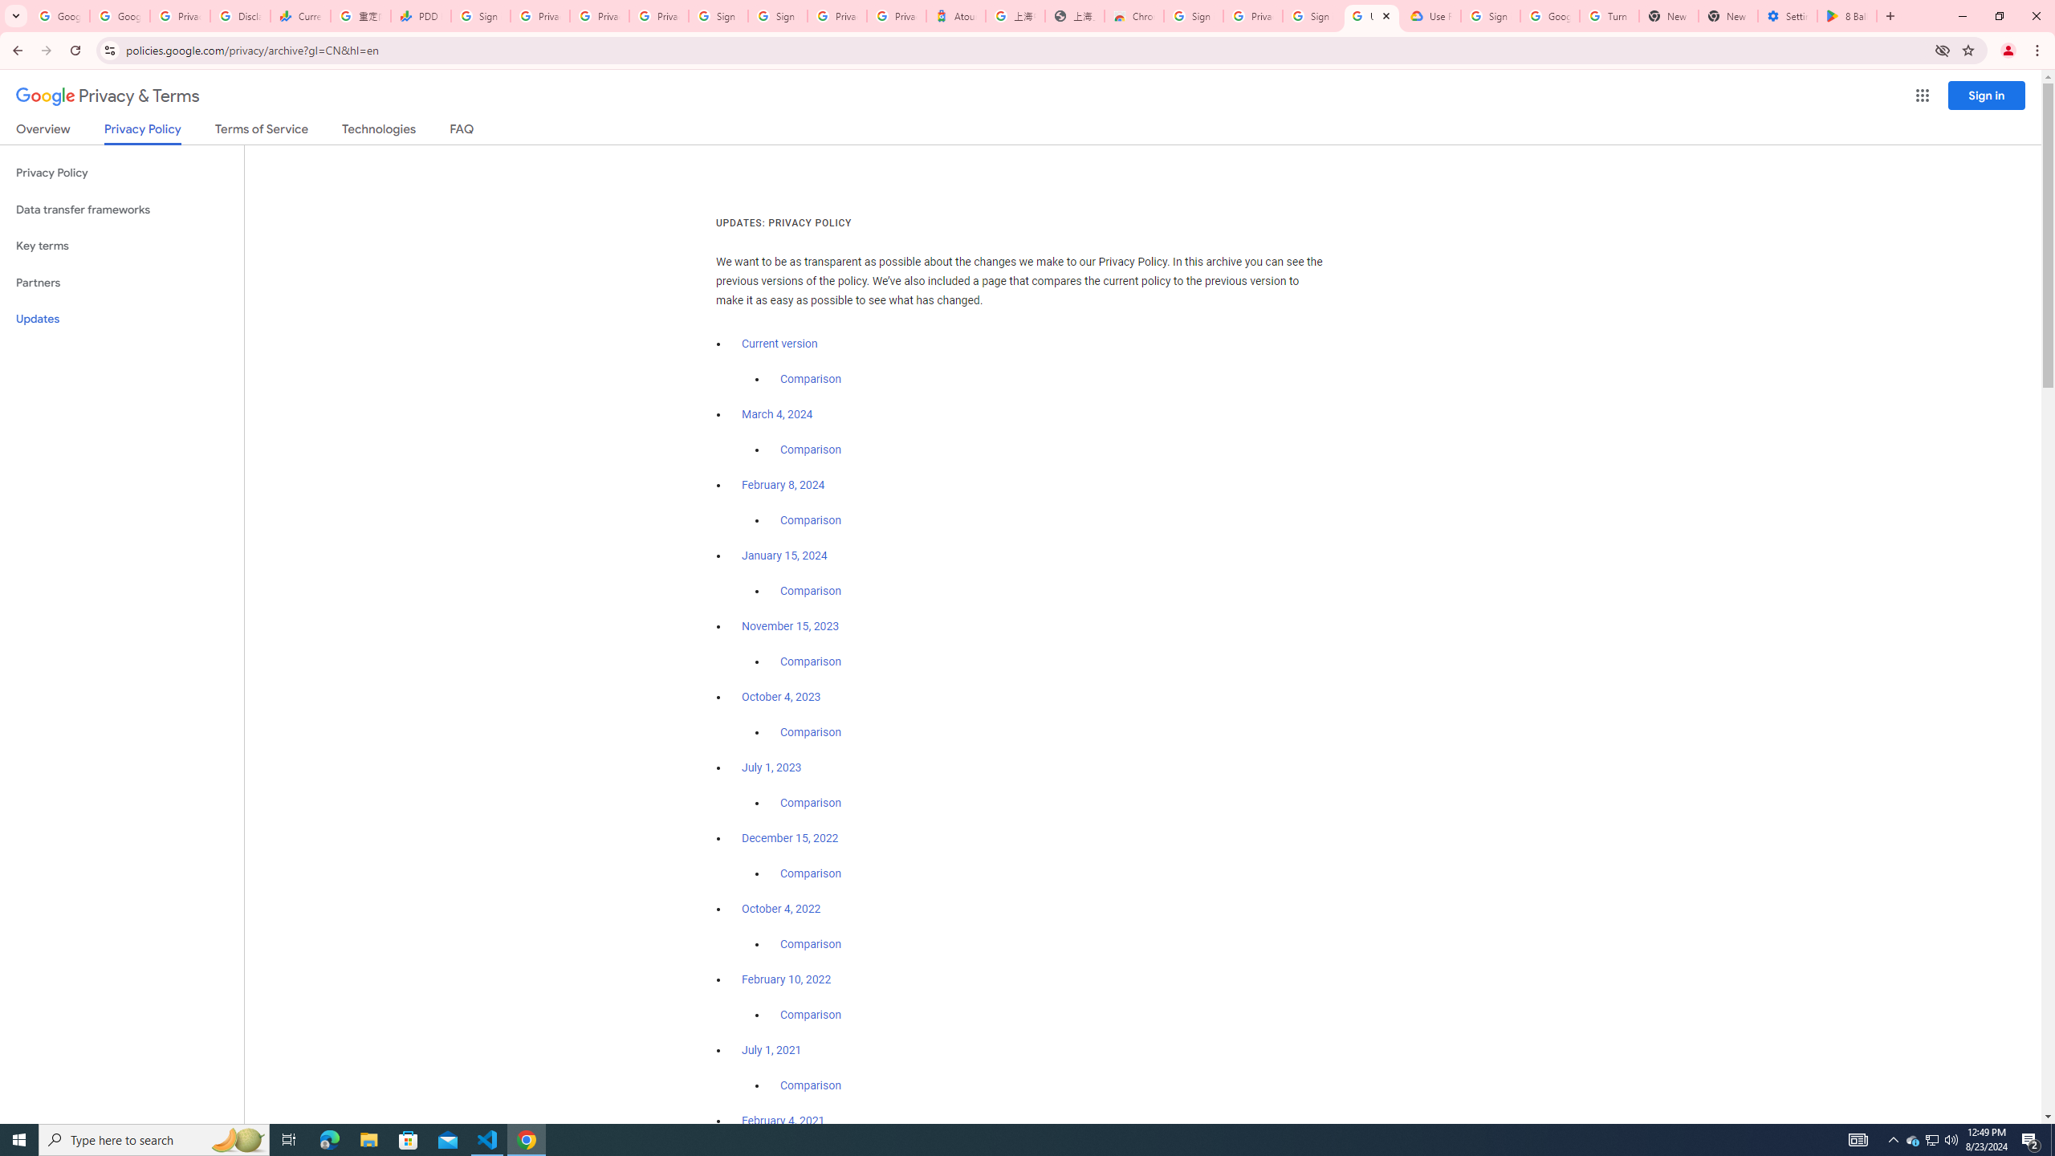  What do you see at coordinates (1548, 15) in the screenshot?
I see `'Google Account Help'` at bounding box center [1548, 15].